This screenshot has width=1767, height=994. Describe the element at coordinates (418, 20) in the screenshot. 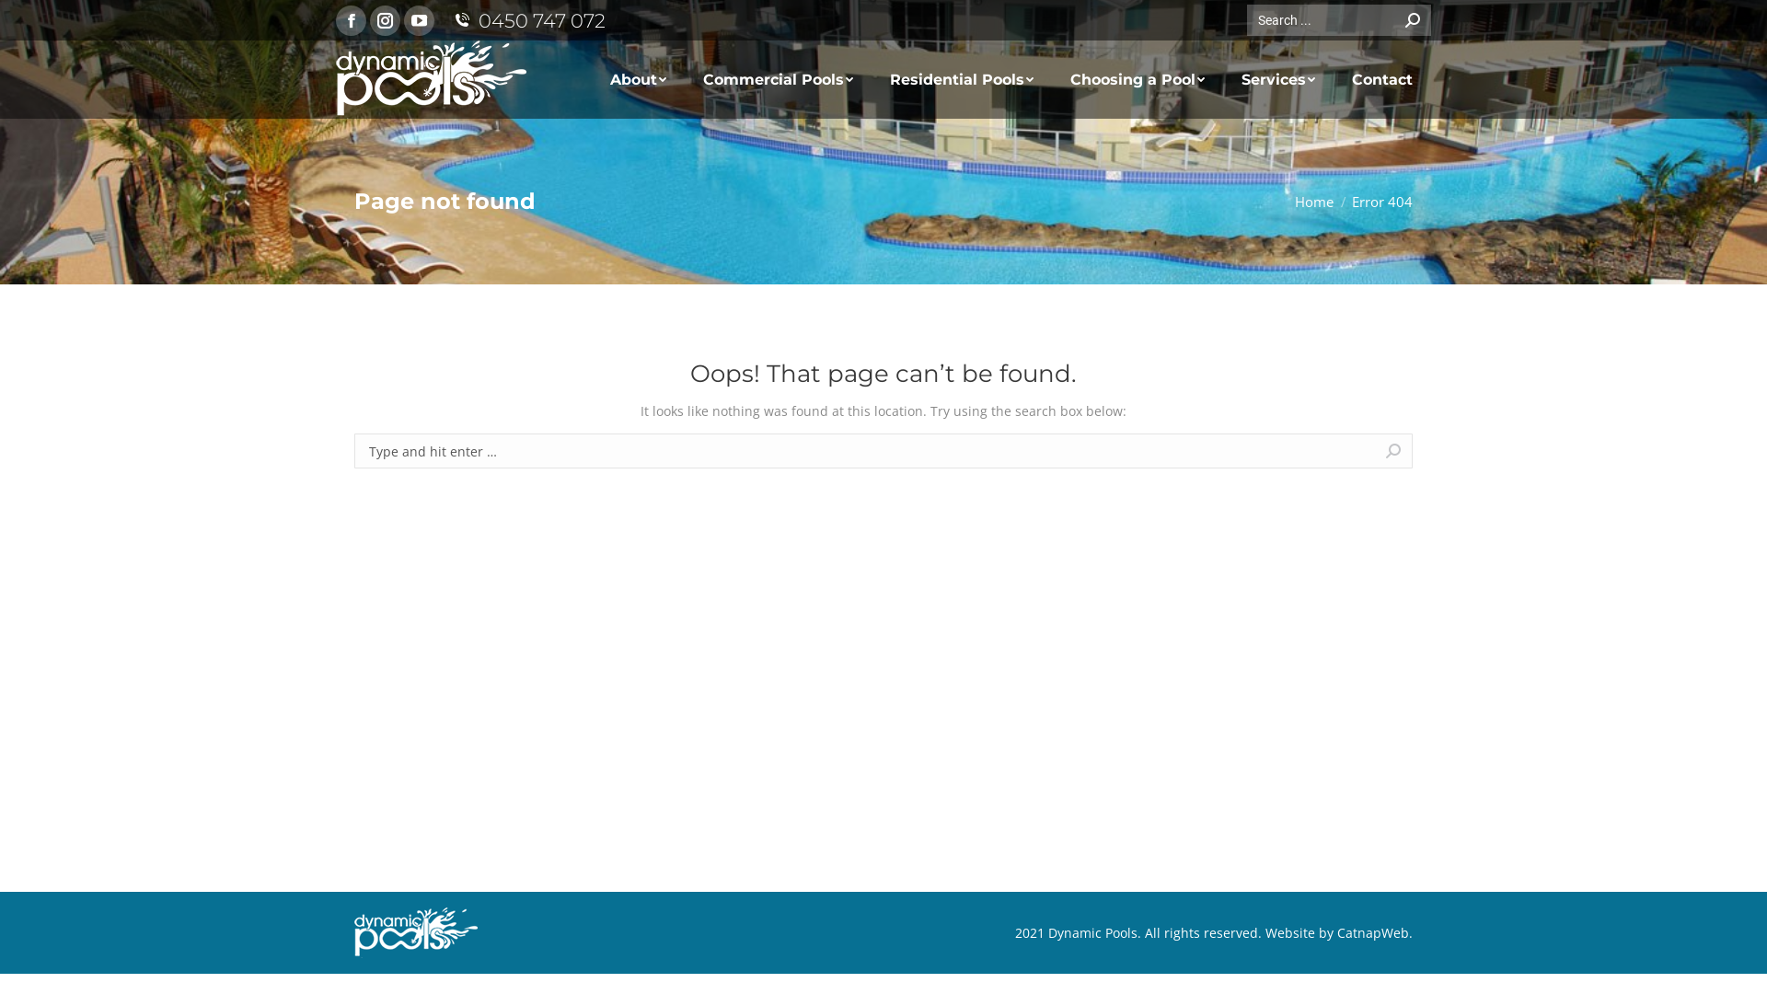

I see `'YouTube page opens in new window'` at that location.